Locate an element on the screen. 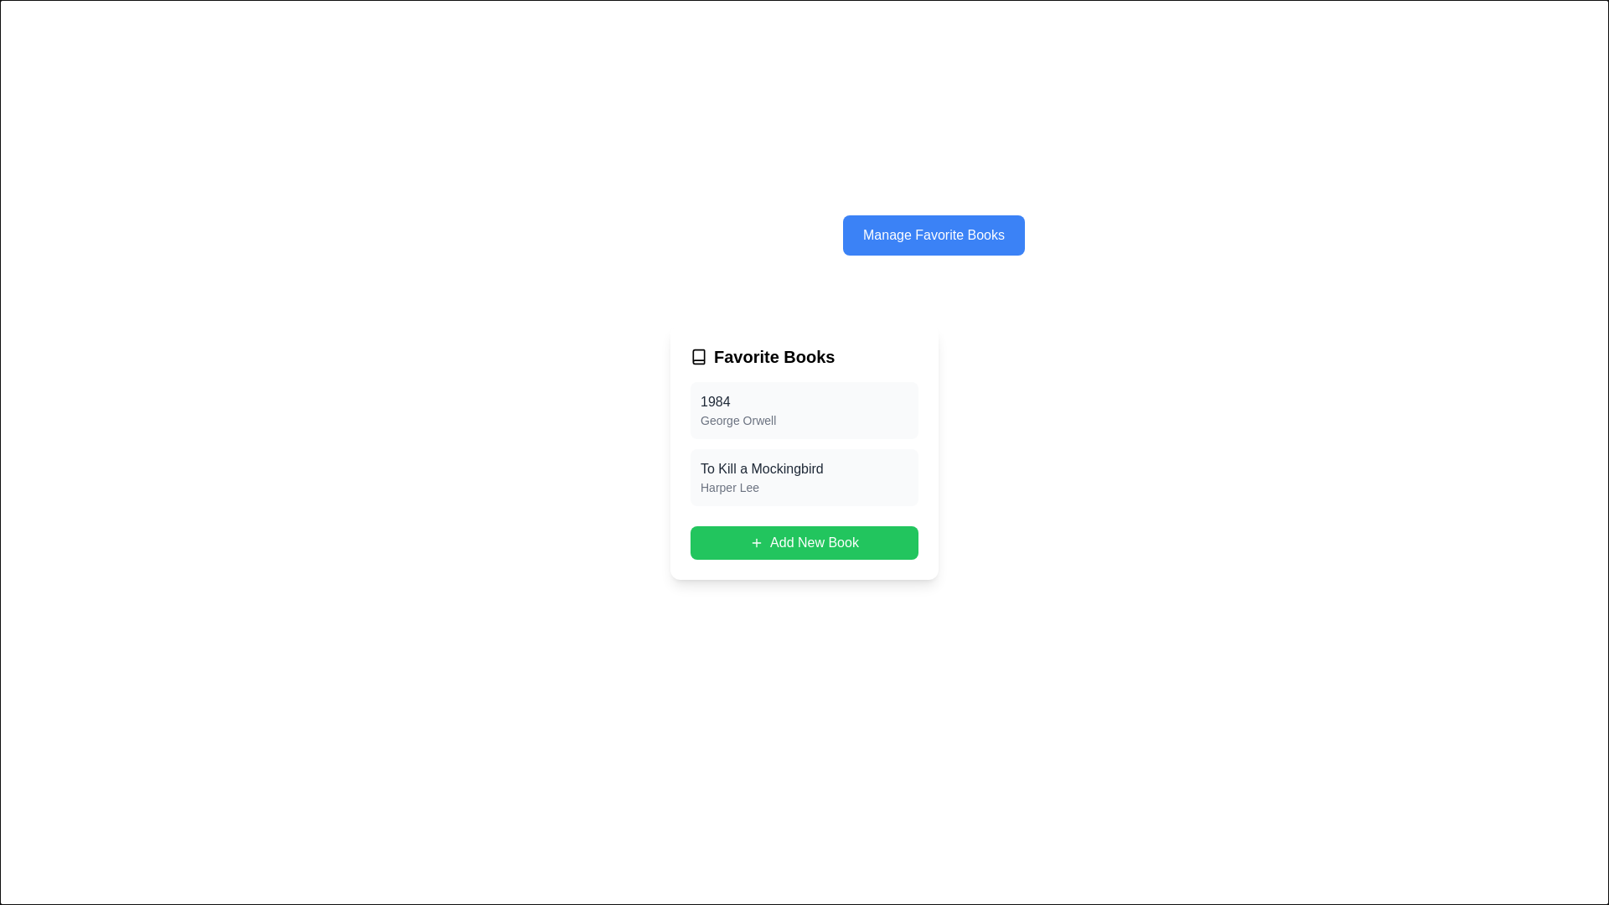 The height and width of the screenshot is (905, 1609). the 'Manage Favorite Books' button to open the dialog is located at coordinates (933, 235).